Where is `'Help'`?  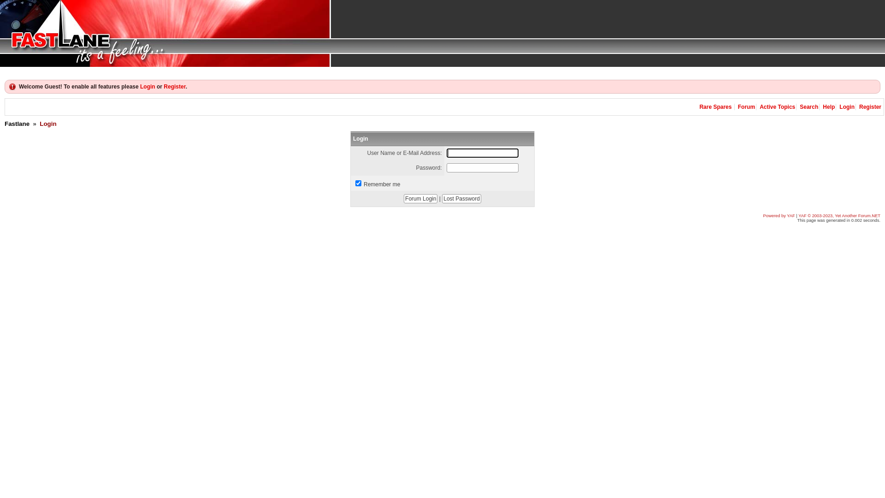
'Help' is located at coordinates (829, 106).